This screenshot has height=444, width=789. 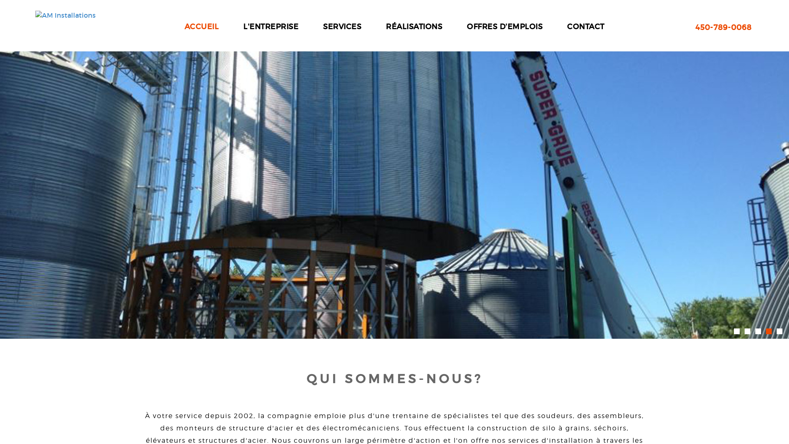 I want to click on 'ACCUEIL', so click(x=184, y=26).